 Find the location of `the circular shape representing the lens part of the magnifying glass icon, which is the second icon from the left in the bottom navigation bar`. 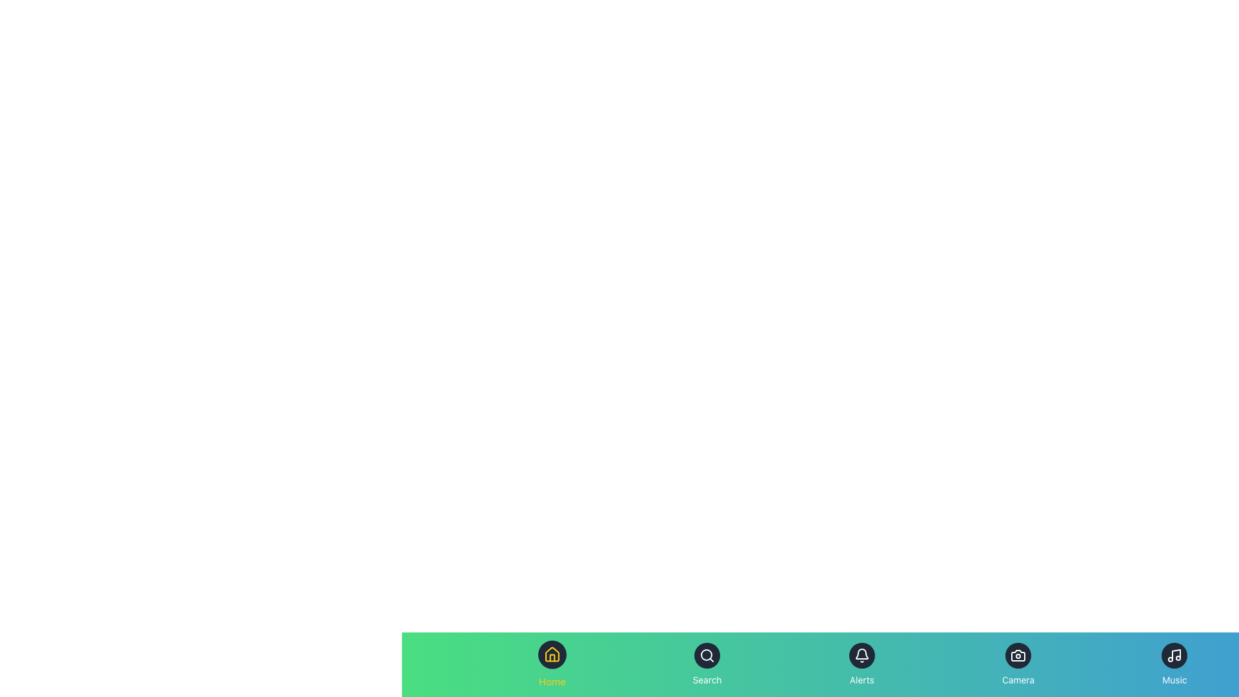

the circular shape representing the lens part of the magnifying glass icon, which is the second icon from the left in the bottom navigation bar is located at coordinates (705, 654).